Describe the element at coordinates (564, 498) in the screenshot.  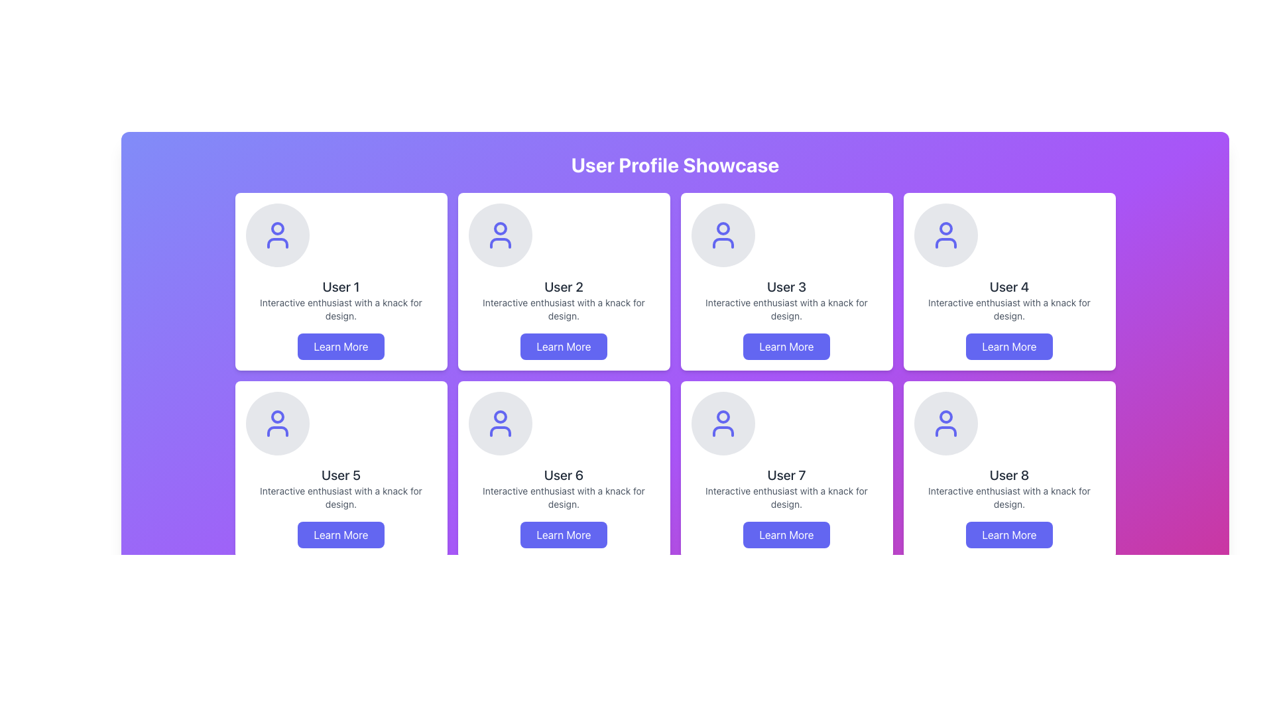
I see `the text element displaying 'Interactive enthusiast with a knack for design.' which is located below 'User 6' and above the 'Learn More' button` at that location.